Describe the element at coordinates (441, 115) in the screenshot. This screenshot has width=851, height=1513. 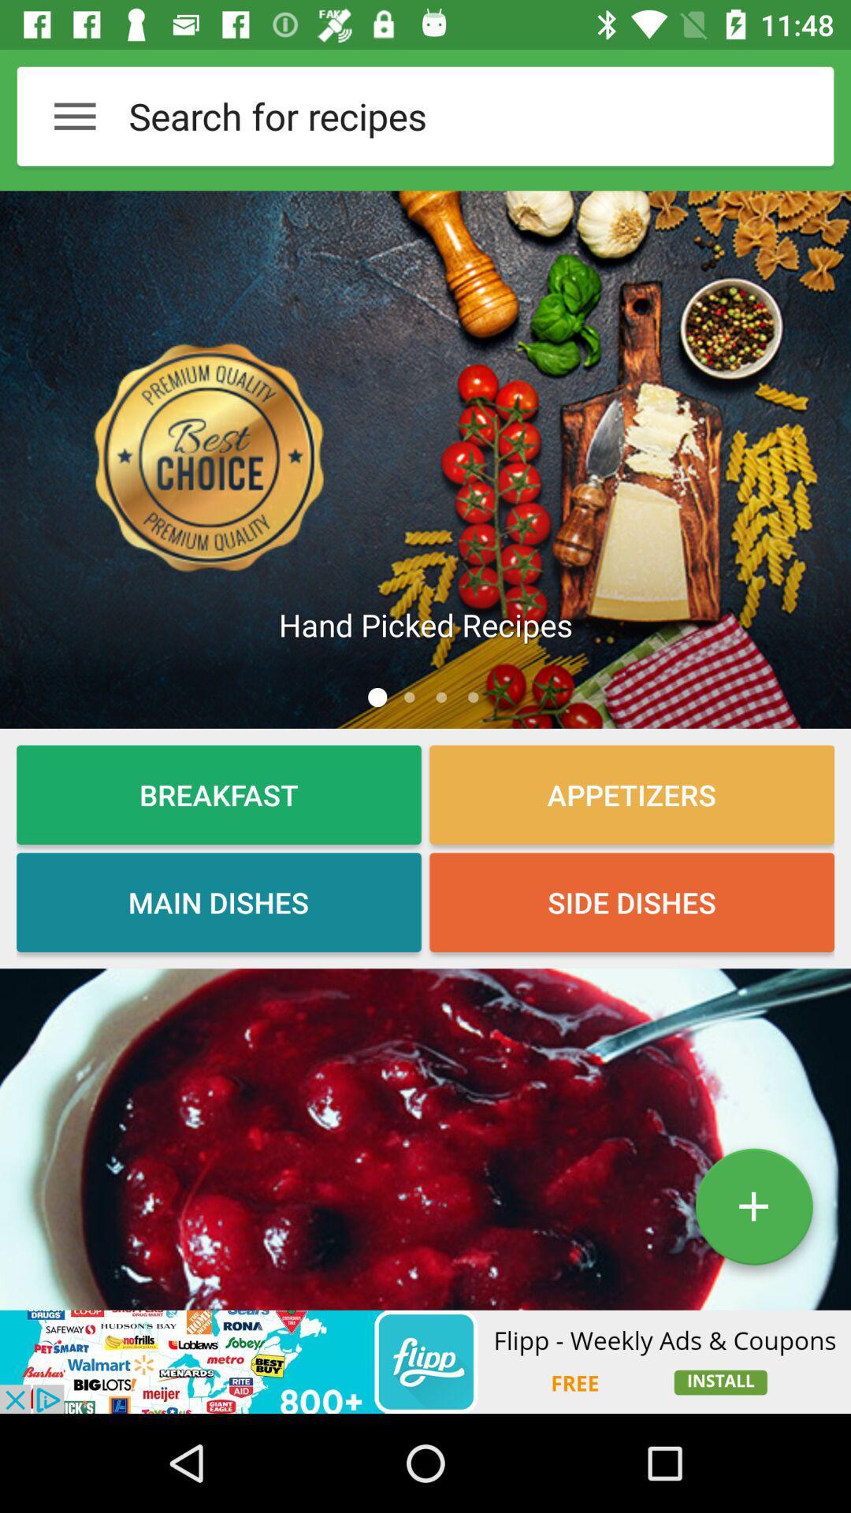
I see `search for recipes` at that location.